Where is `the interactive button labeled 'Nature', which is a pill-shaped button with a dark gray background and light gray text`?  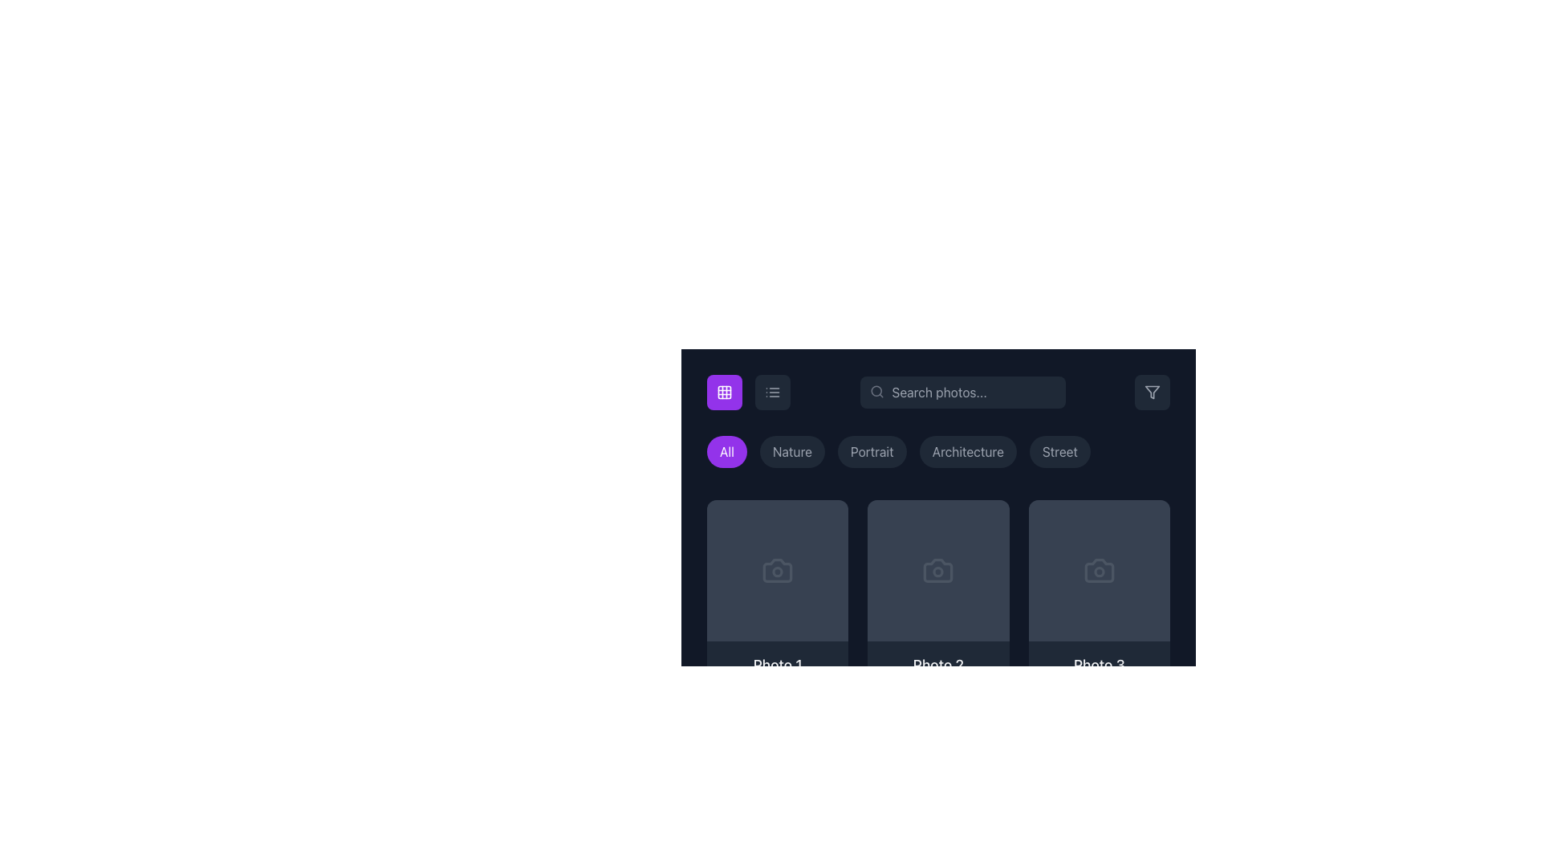 the interactive button labeled 'Nature', which is a pill-shaped button with a dark gray background and light gray text is located at coordinates (792, 452).